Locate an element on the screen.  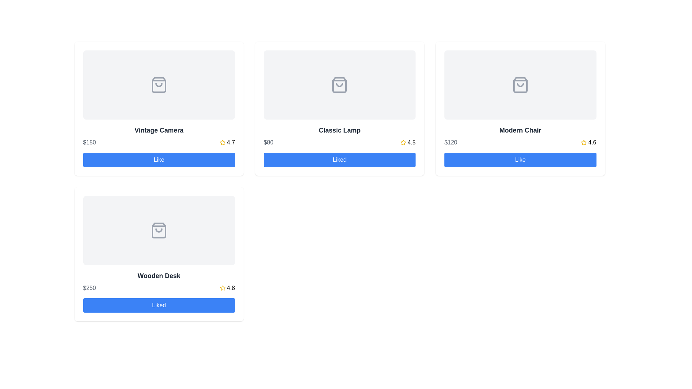
the shopping bag icon located inside the 'Vintage Camera' card at the top left corner of the grid layout is located at coordinates (159, 84).